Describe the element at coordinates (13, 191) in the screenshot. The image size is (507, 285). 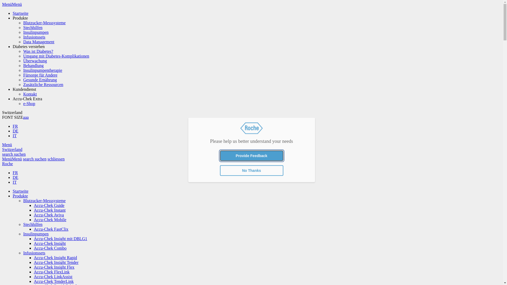
I see `'Startseite'` at that location.